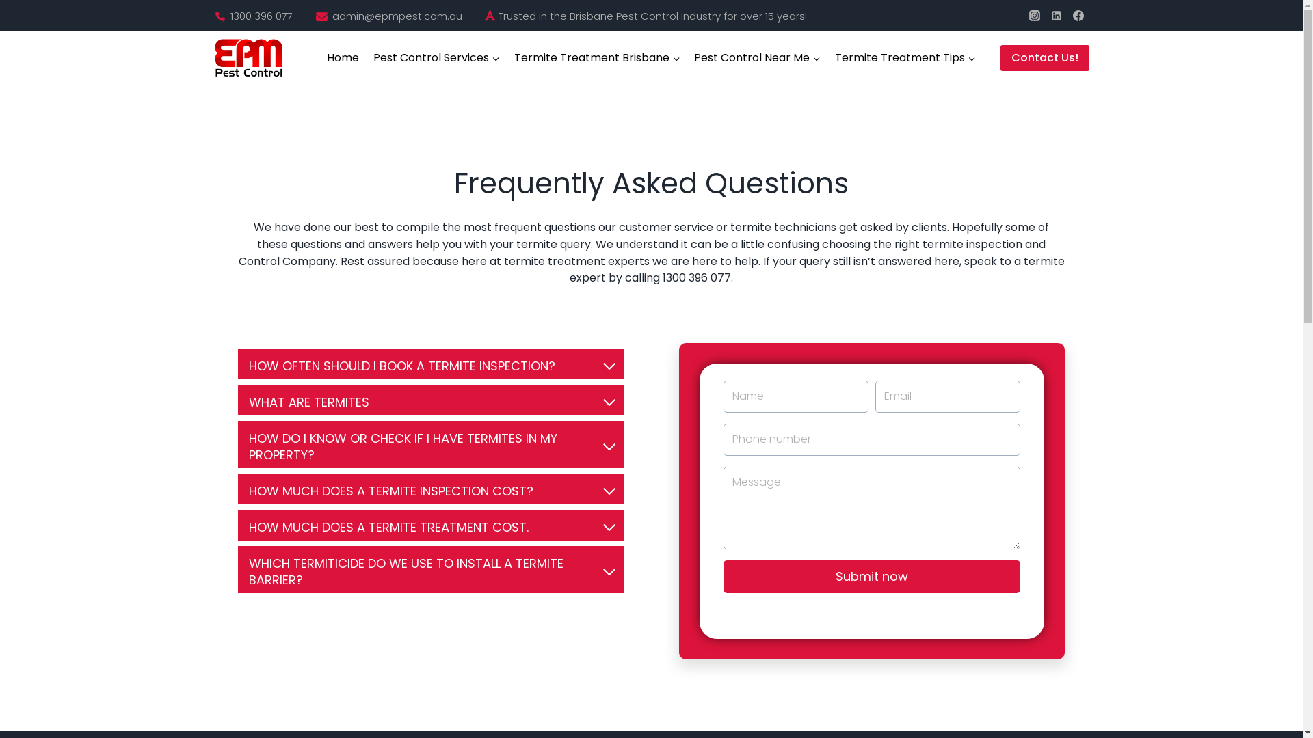 Image resolution: width=1313 pixels, height=738 pixels. I want to click on 'WHICH TERMITICIDE DO WE USE TO INSTALL A TERMITE BARRIER?', so click(430, 569).